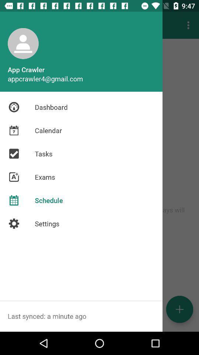 This screenshot has width=199, height=355. I want to click on the picture icon which is above the app crawler, so click(23, 43).